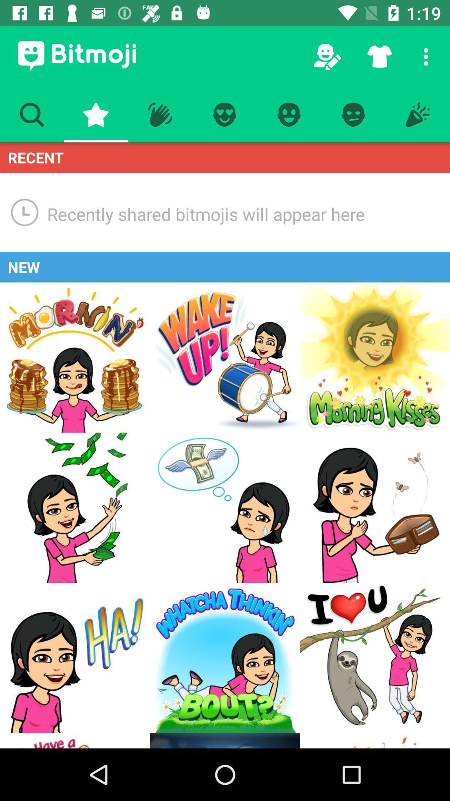 Image resolution: width=450 pixels, height=801 pixels. Describe the element at coordinates (75, 657) in the screenshot. I see `send ha emoji` at that location.